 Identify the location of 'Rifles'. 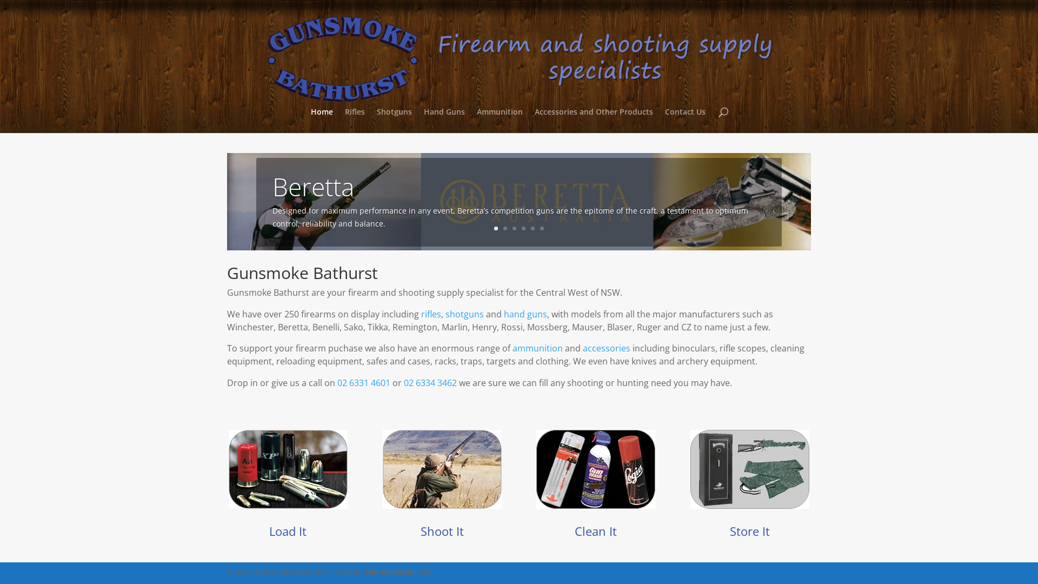
(355, 121).